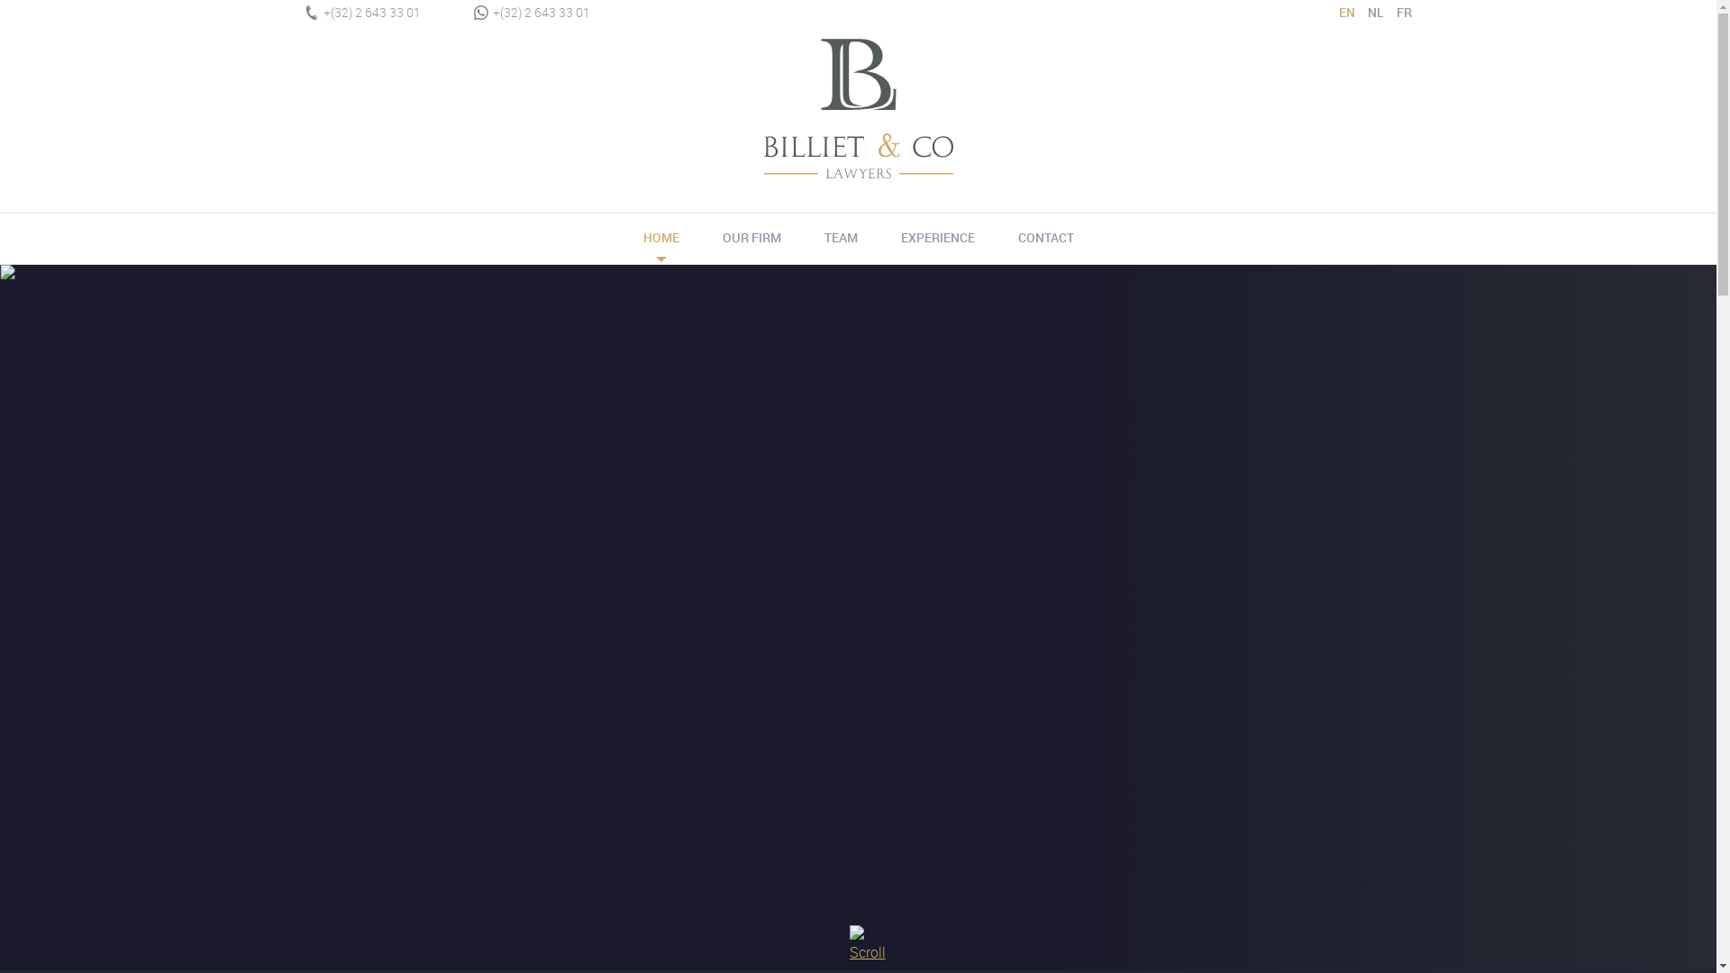  I want to click on 'NL', so click(1370, 12).